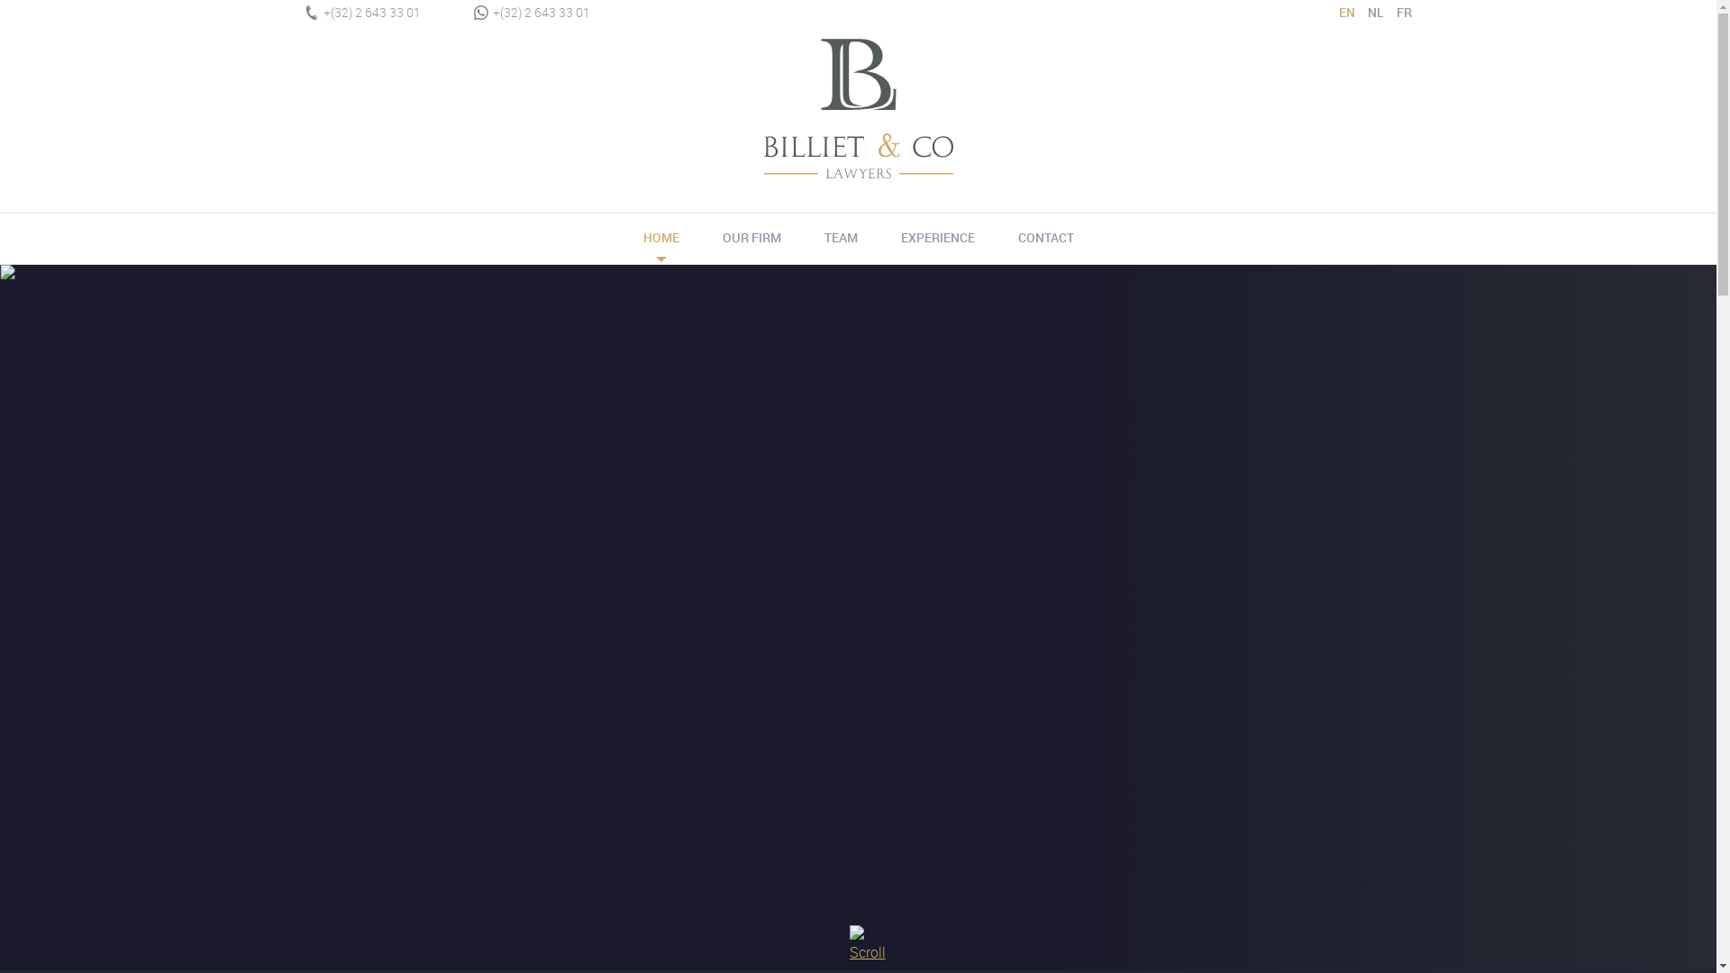  I want to click on 'NL', so click(1370, 12).